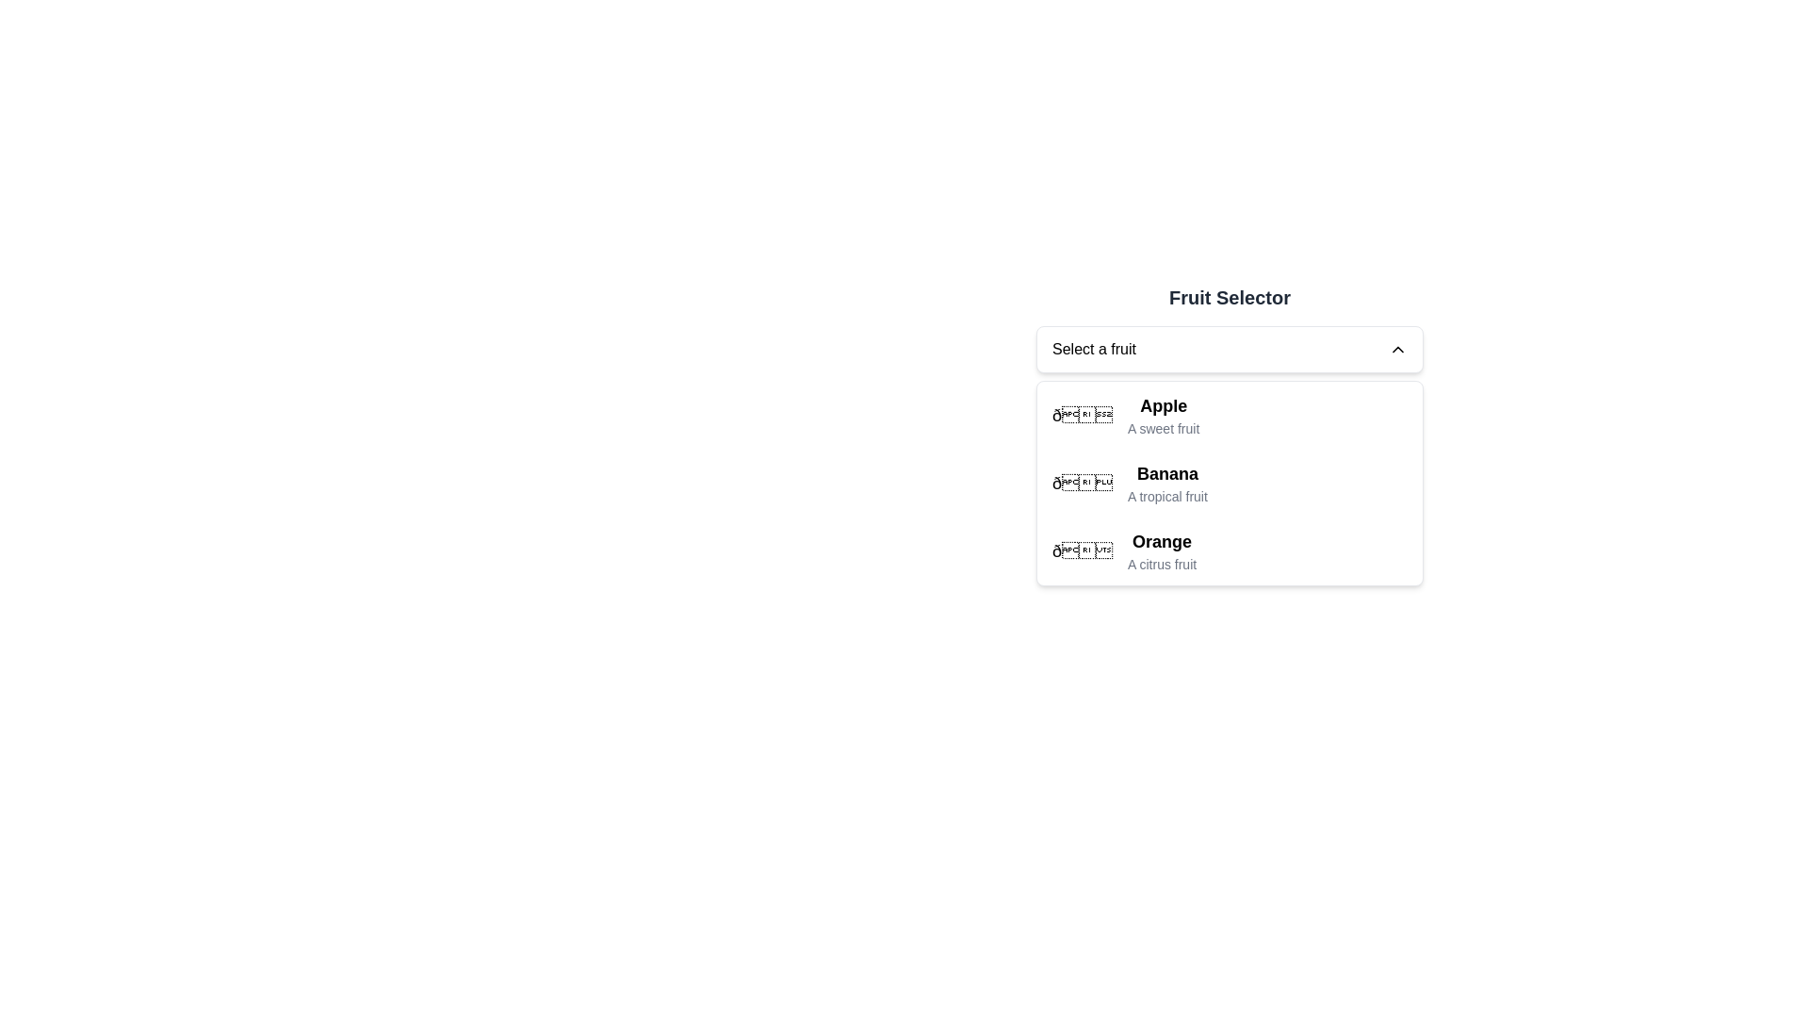 This screenshot has height=1018, width=1809. Describe the element at coordinates (1166, 472) in the screenshot. I see `'Banana' text label in the dropdown menu, which serves as the primary identifier for this option` at that location.